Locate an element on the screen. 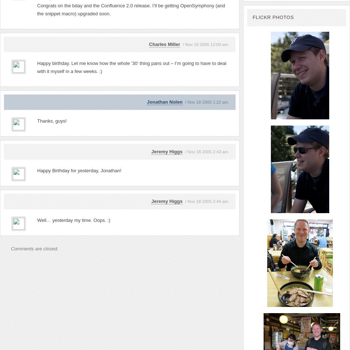 This screenshot has height=350, width=350. '/ Nov 18 2005 2:44 am' is located at coordinates (184, 201).